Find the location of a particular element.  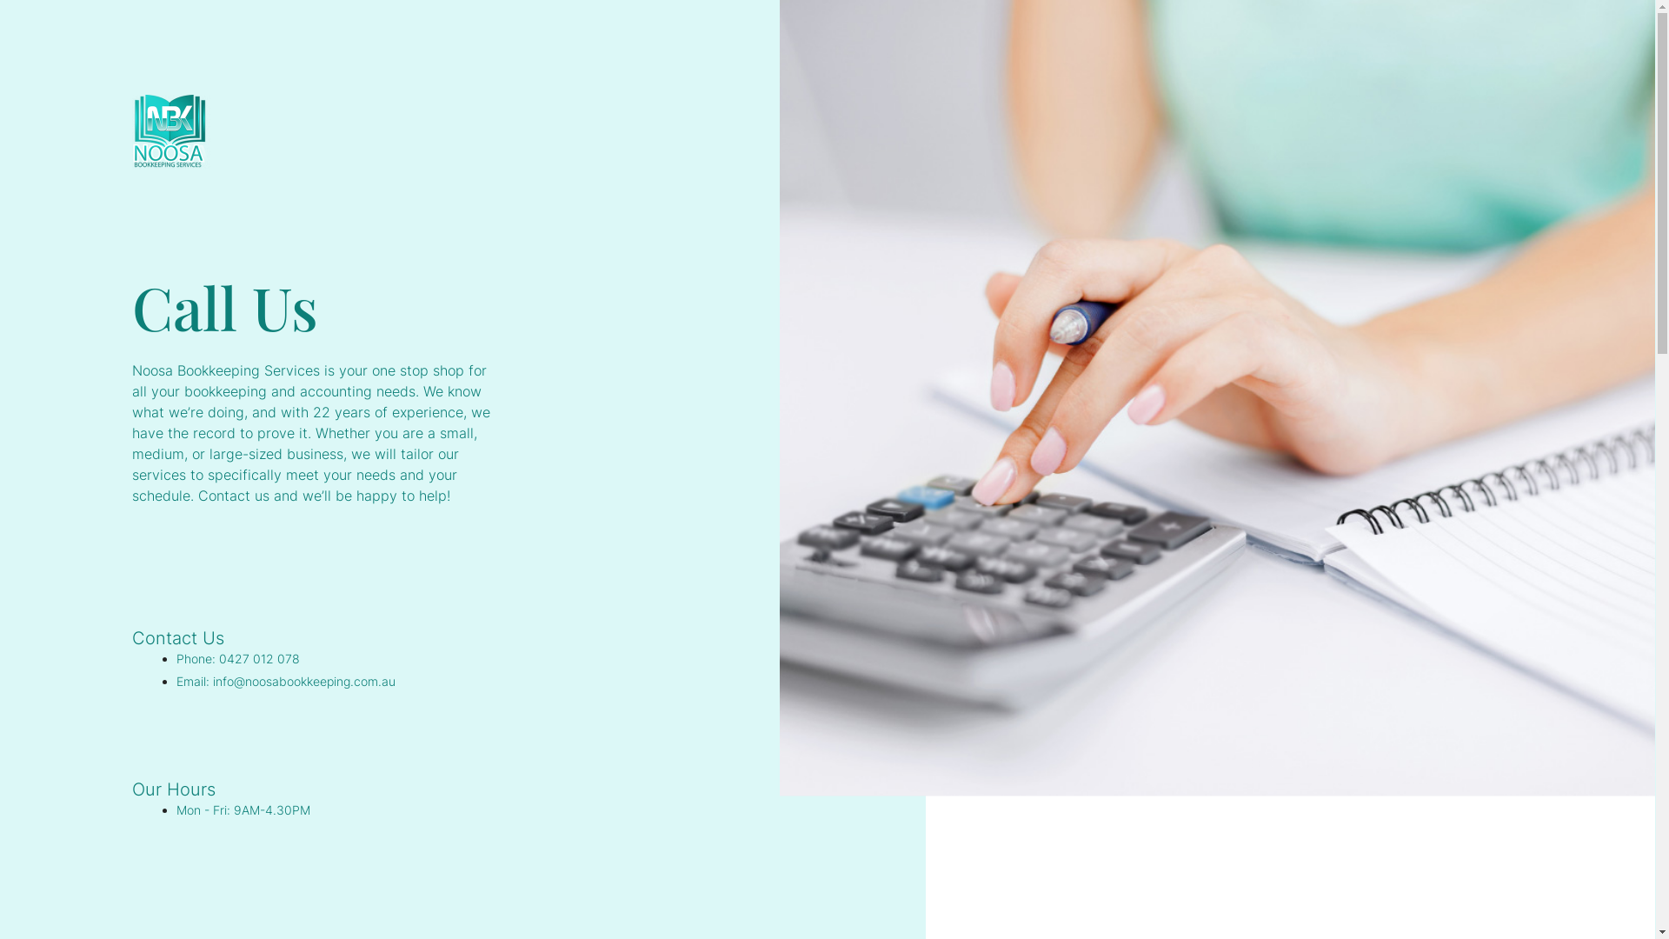

'Noosa-Bookkeeping-Services-copy' is located at coordinates (170, 130).